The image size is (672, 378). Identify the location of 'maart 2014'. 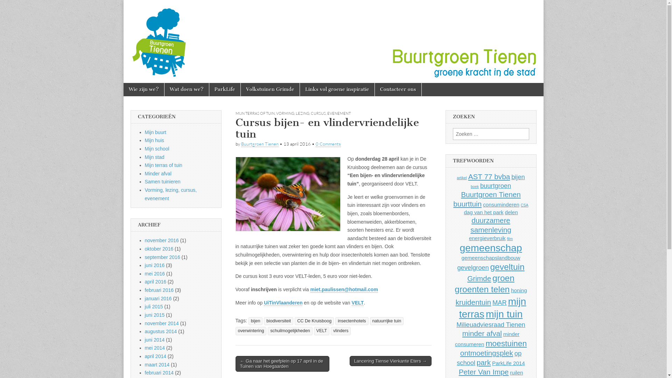
(144, 364).